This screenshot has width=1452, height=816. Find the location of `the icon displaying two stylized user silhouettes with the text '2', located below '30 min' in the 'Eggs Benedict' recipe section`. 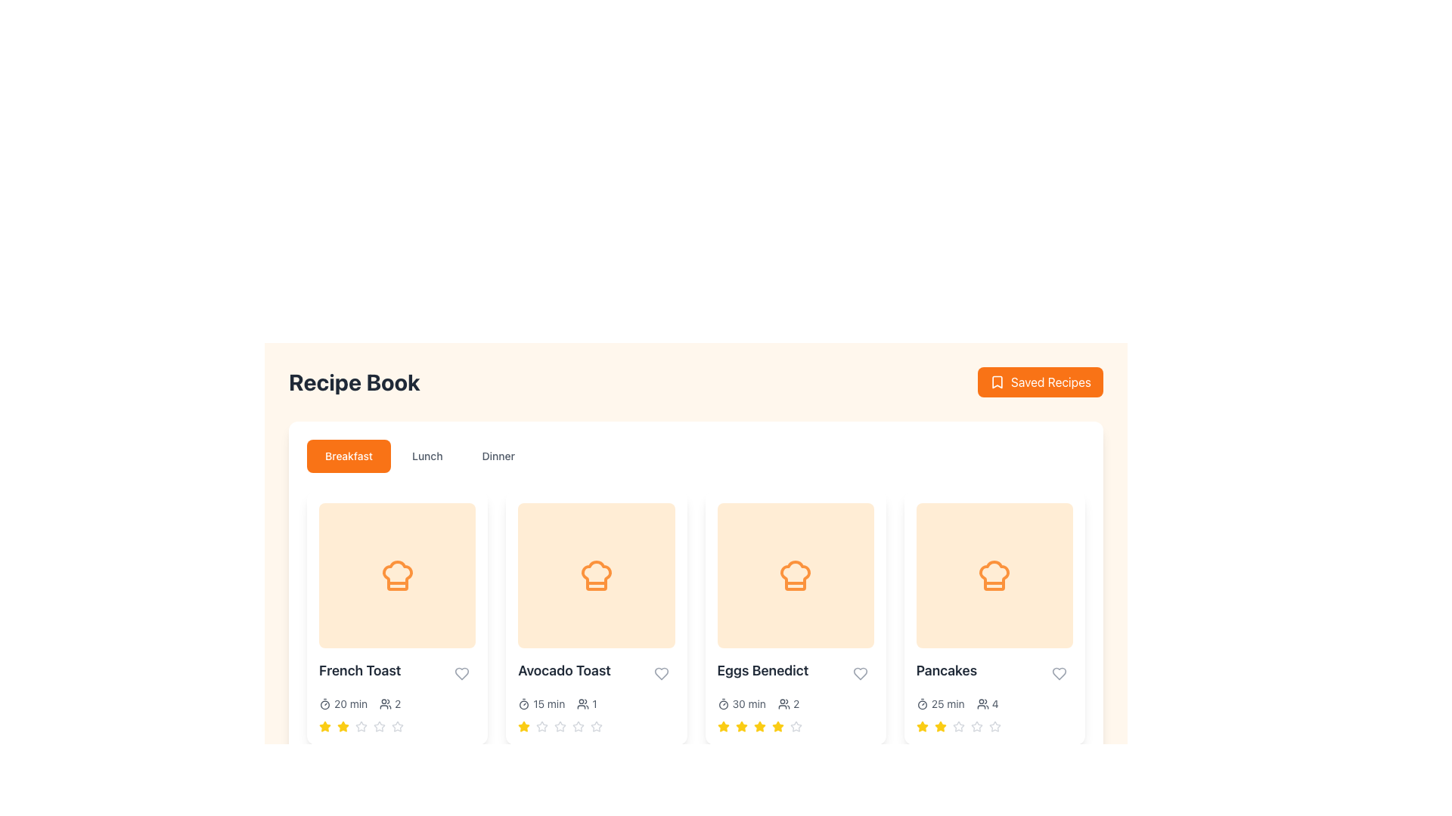

the icon displaying two stylized user silhouettes with the text '2', located below '30 min' in the 'Eggs Benedict' recipe section is located at coordinates (788, 704).